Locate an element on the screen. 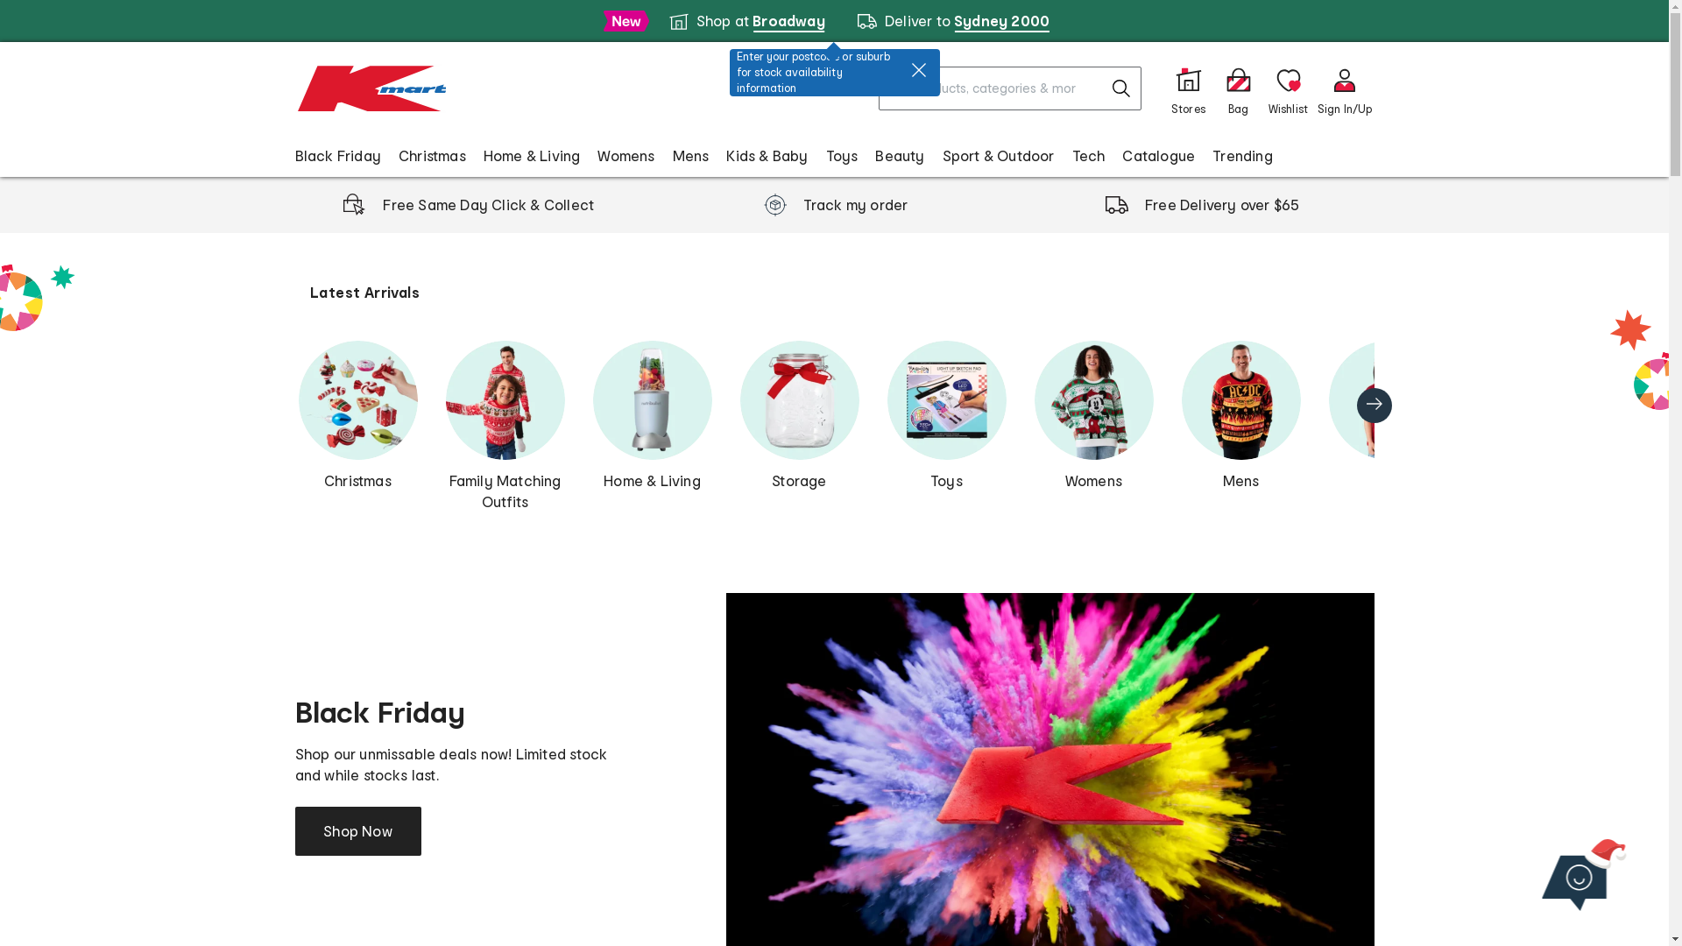 Image resolution: width=1682 pixels, height=946 pixels. 'Shop Now' is located at coordinates (294, 830).